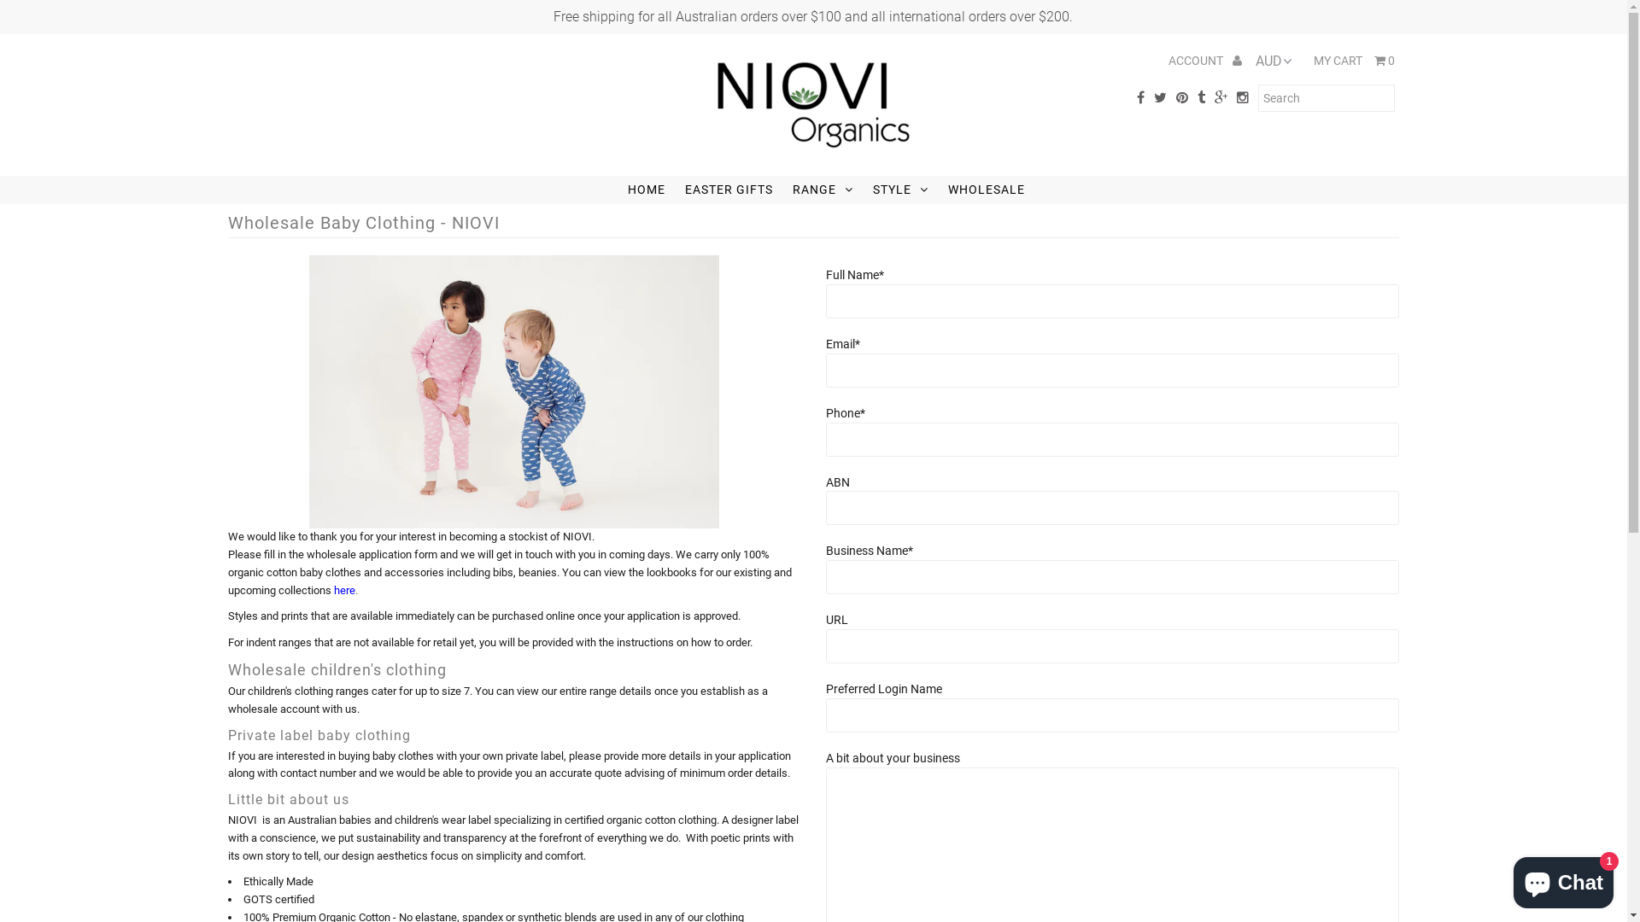  I want to click on 'WHOLESALE', so click(987, 190).